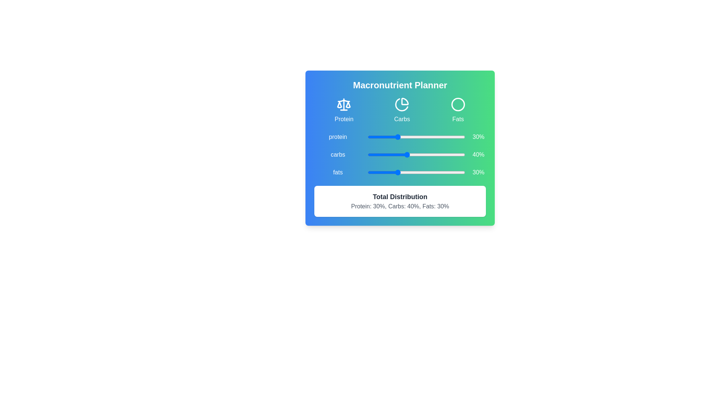 This screenshot has height=399, width=710. Describe the element at coordinates (436, 137) in the screenshot. I see `the protein percentage` at that location.